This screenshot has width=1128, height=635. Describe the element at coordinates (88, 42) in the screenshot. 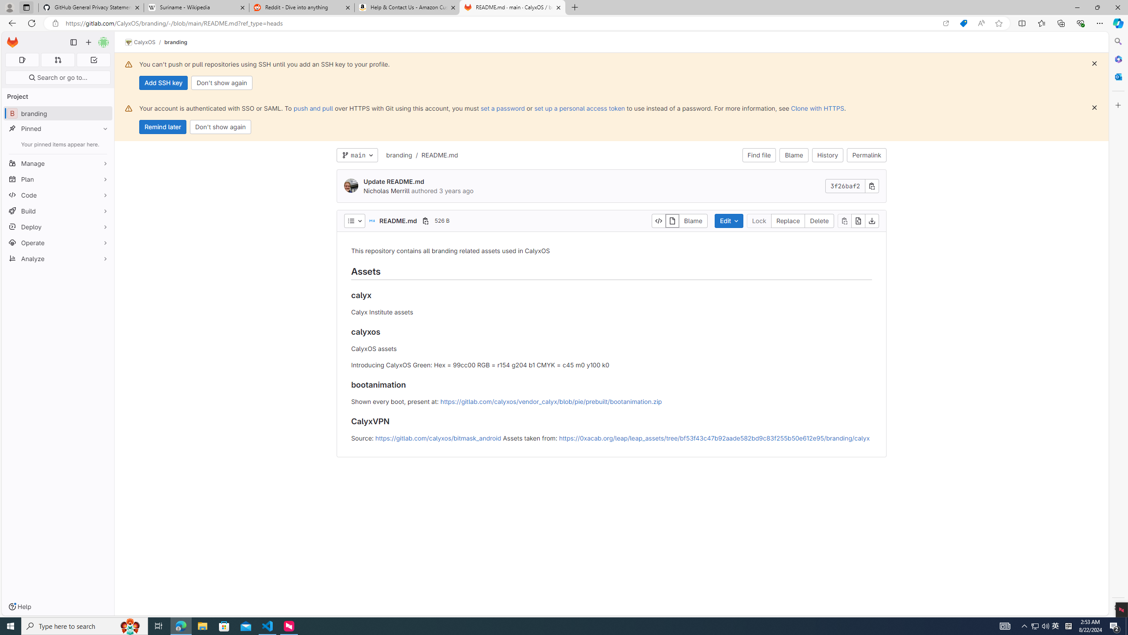

I see `'Create new...'` at that location.